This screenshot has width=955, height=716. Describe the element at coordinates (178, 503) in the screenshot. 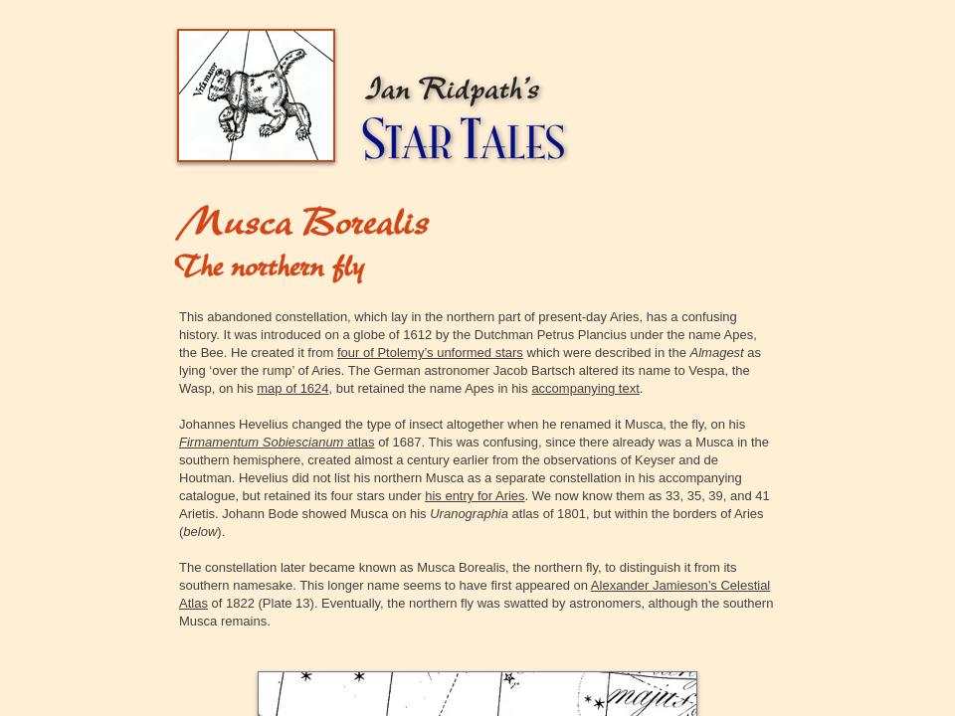

I see `'. We now know them as 33, 35, 39, and 41 Arietis. Johann Bode showed Musca on his'` at that location.